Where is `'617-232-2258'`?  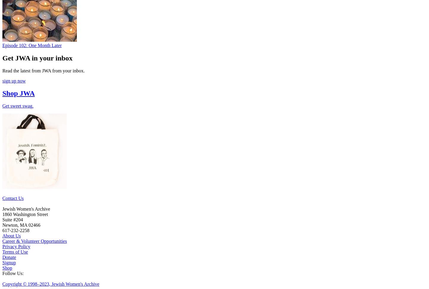 '617-232-2258' is located at coordinates (15, 230).